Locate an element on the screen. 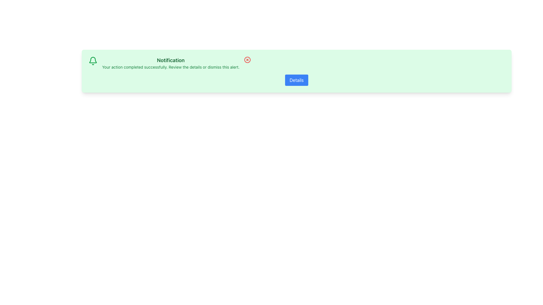 This screenshot has width=543, height=305. the notification icon located at the far left of the notification banner, next to the text 'Notification' is located at coordinates (93, 61).